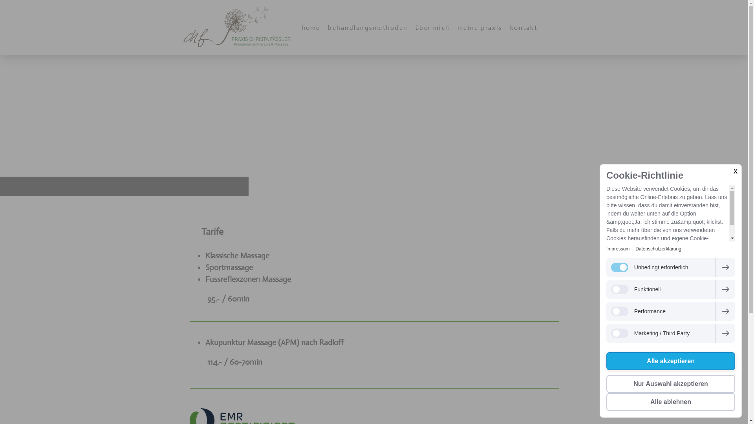 The height and width of the screenshot is (424, 754). Describe the element at coordinates (670, 361) in the screenshot. I see `'Alle akzeptieren'` at that location.